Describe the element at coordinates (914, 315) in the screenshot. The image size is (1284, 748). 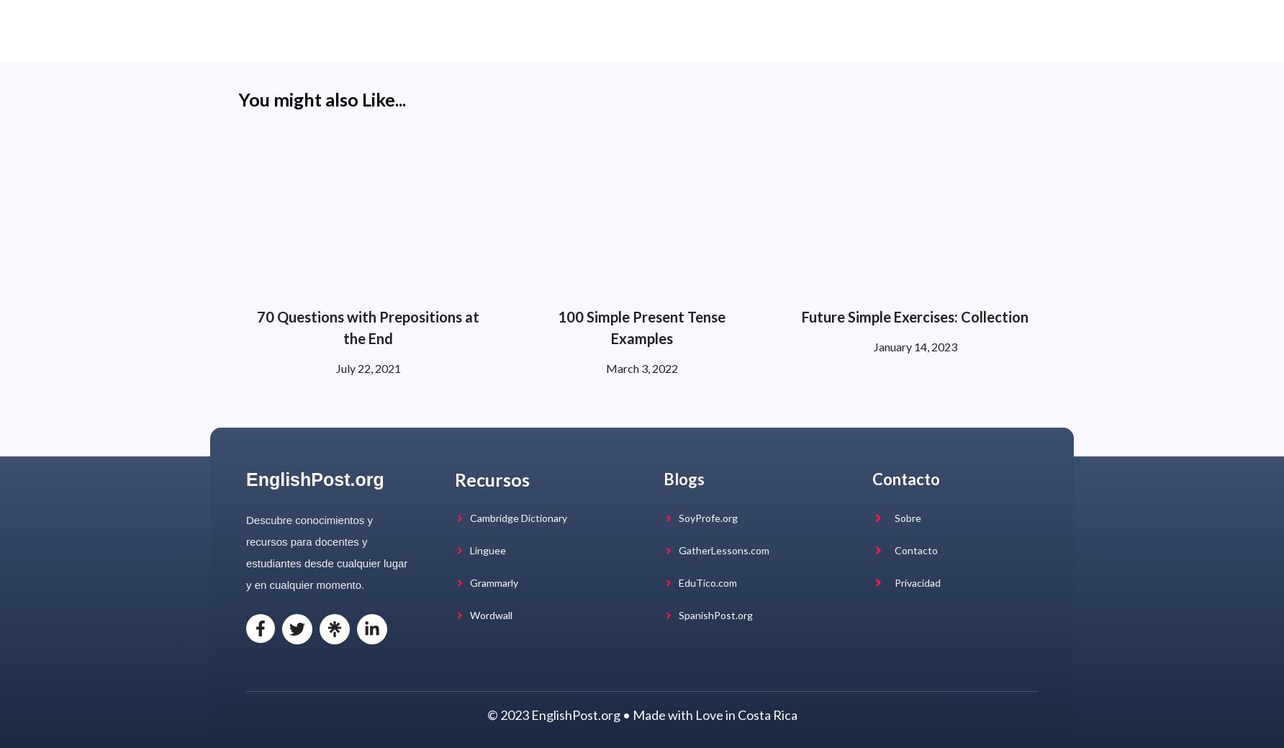
I see `'Future Simple Exercises: Collection'` at that location.